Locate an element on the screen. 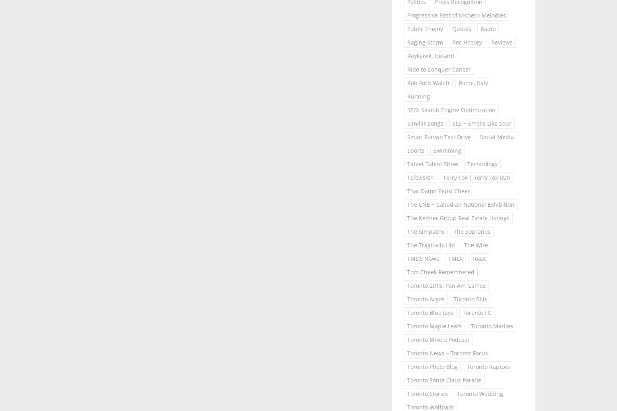 The image size is (617, 411). 'Rec Hockey' is located at coordinates (467, 42).